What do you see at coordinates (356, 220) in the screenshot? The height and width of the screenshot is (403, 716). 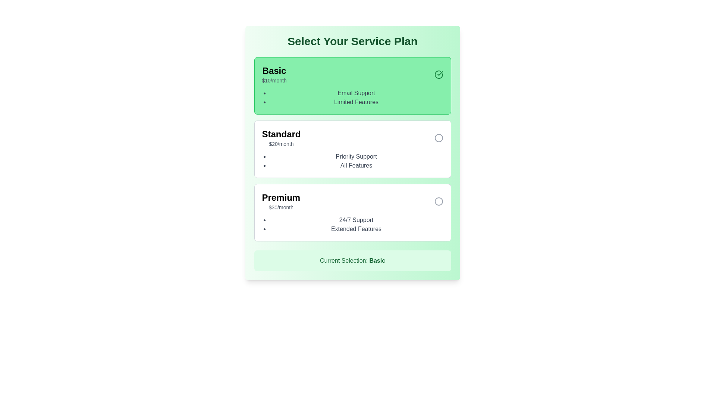 I see `the text indicating round-the-clock support availability in the Premium plan, located above the 'Extended Features' list item in the Premium section` at bounding box center [356, 220].